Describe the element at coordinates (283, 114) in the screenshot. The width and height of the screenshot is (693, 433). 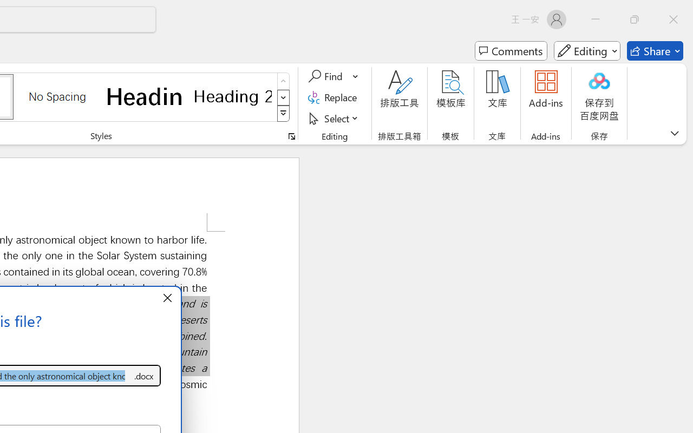
I see `'Styles'` at that location.